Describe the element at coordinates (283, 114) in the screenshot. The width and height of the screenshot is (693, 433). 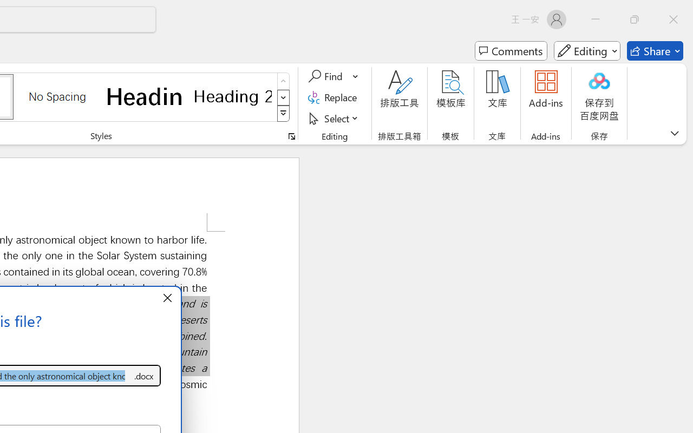
I see `'Styles'` at that location.